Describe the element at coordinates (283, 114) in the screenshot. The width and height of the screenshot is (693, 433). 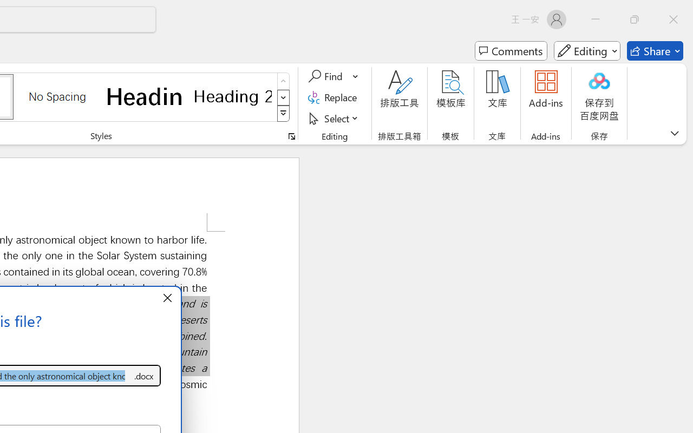
I see `'Styles'` at that location.